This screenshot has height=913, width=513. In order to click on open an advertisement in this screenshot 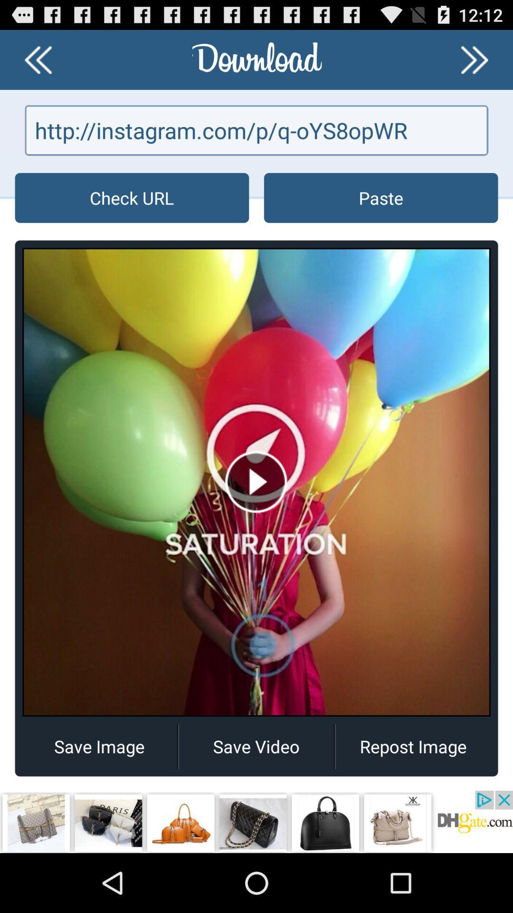, I will do `click(256, 821)`.